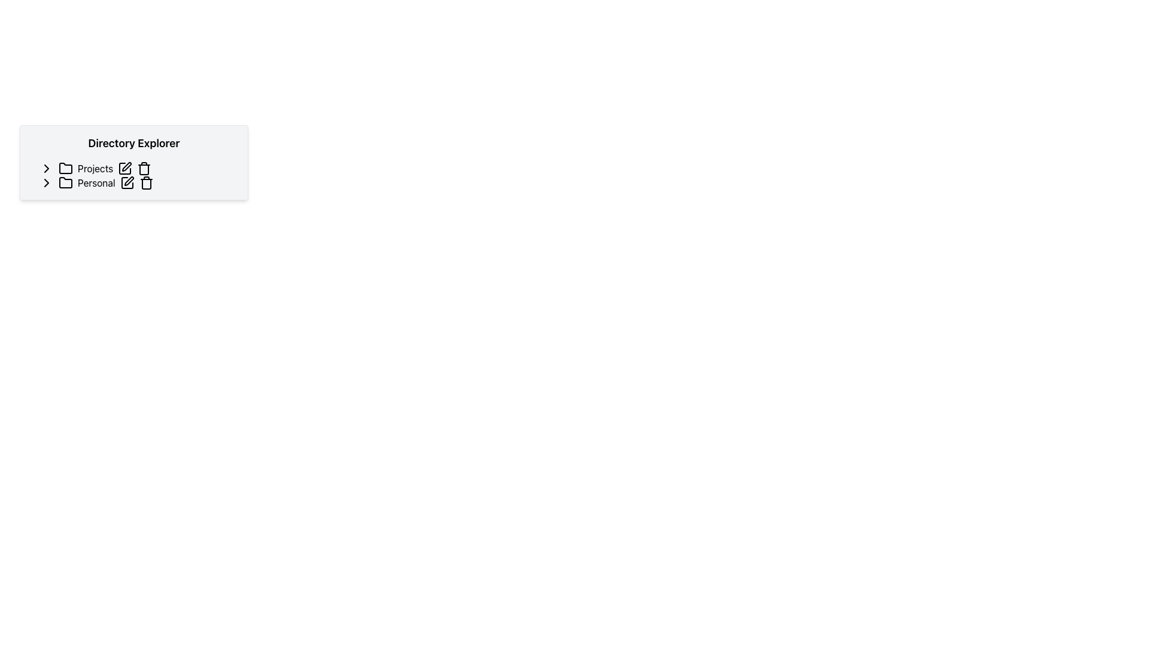  Describe the element at coordinates (96, 182) in the screenshot. I see `the 'Personal' text label in the file explorer` at that location.